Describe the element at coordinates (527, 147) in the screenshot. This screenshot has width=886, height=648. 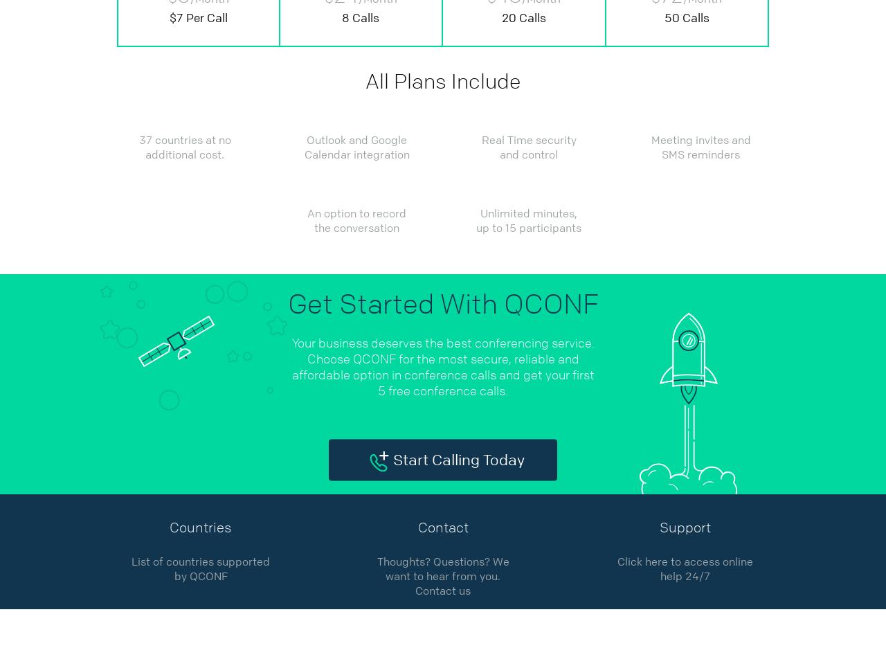
I see `'Real Time security and control'` at that location.